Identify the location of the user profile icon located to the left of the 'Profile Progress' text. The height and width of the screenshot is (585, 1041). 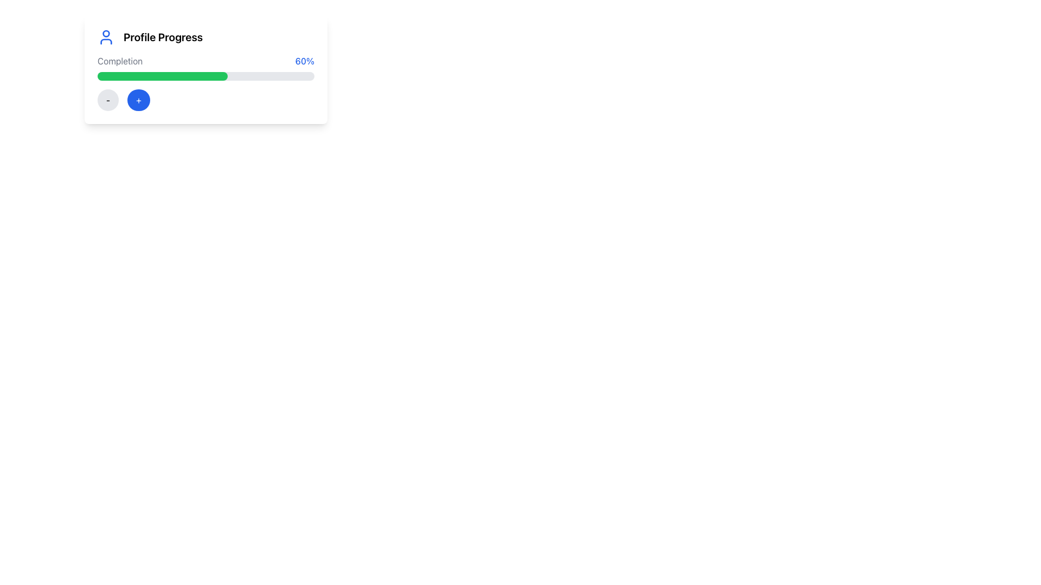
(106, 37).